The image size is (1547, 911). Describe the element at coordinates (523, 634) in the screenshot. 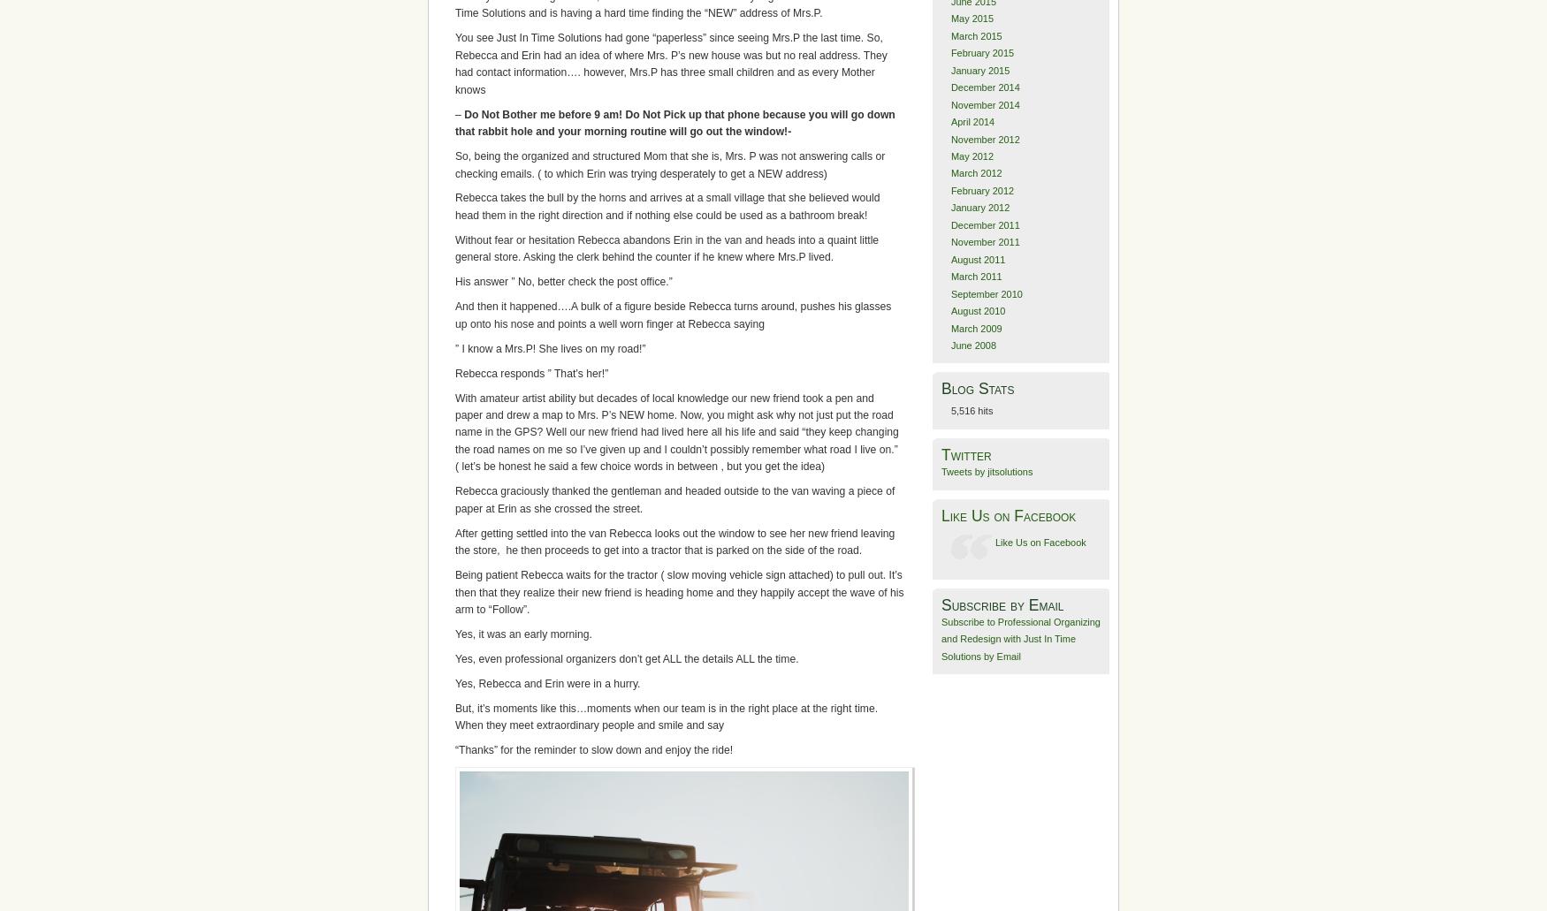

I see `'Yes, it was an early morning.'` at that location.